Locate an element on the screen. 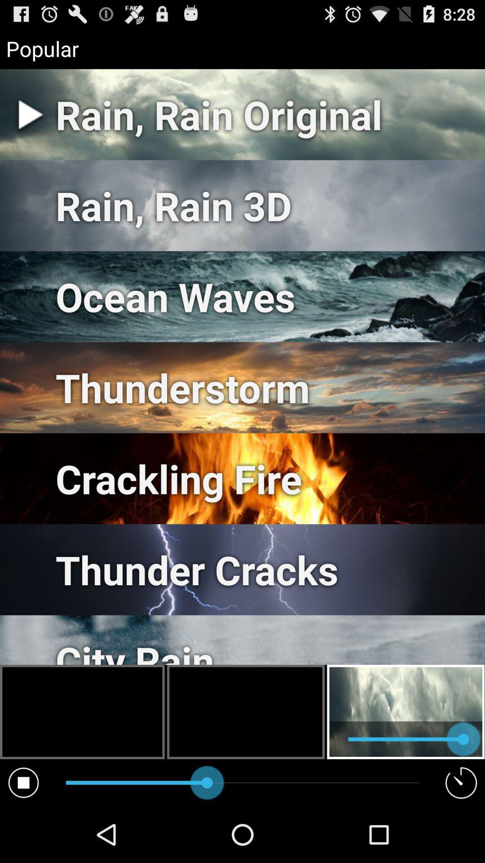 The height and width of the screenshot is (863, 485). the middle box in bottom of page is located at coordinates (246, 712).